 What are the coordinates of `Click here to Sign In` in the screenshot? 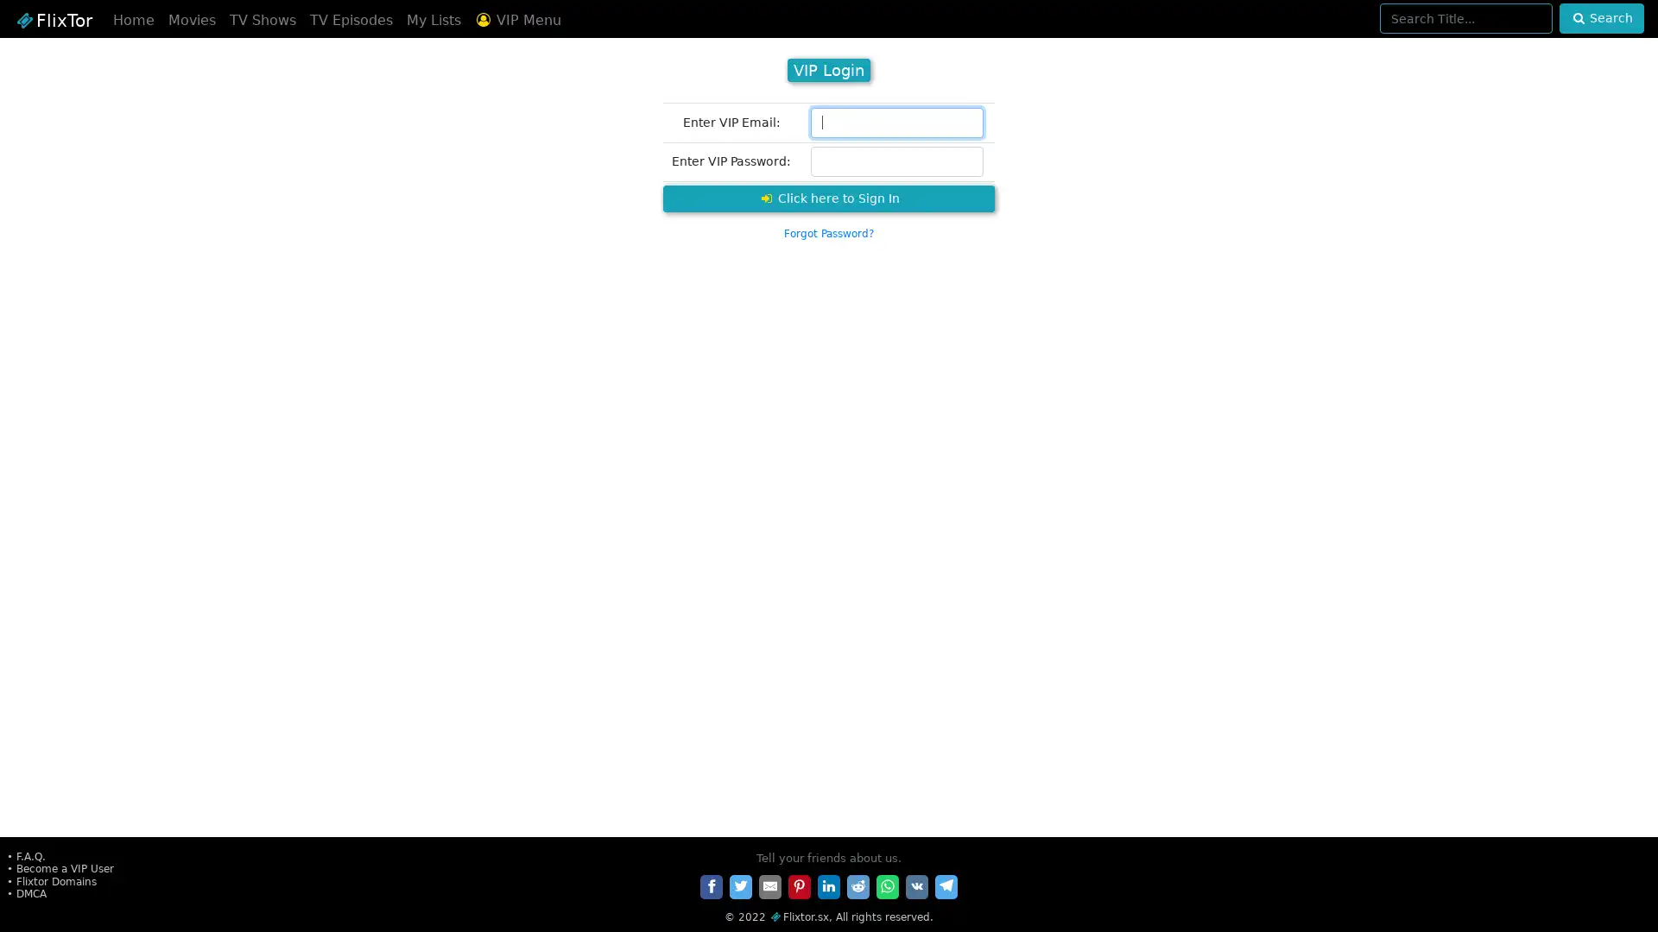 It's located at (829, 198).